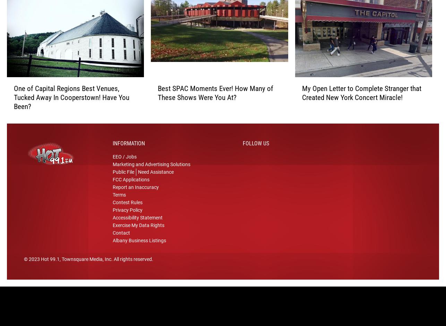 Image resolution: width=446 pixels, height=326 pixels. What do you see at coordinates (138, 234) in the screenshot?
I see `'Exercise My Data Rights'` at bounding box center [138, 234].